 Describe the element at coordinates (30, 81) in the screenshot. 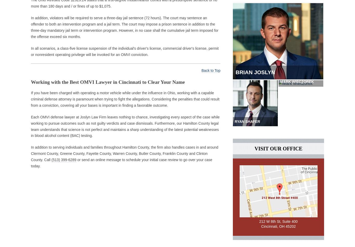

I see `'Working with the Best OMVI Lawyer in Cincinnati to Clear Your Name'` at that location.